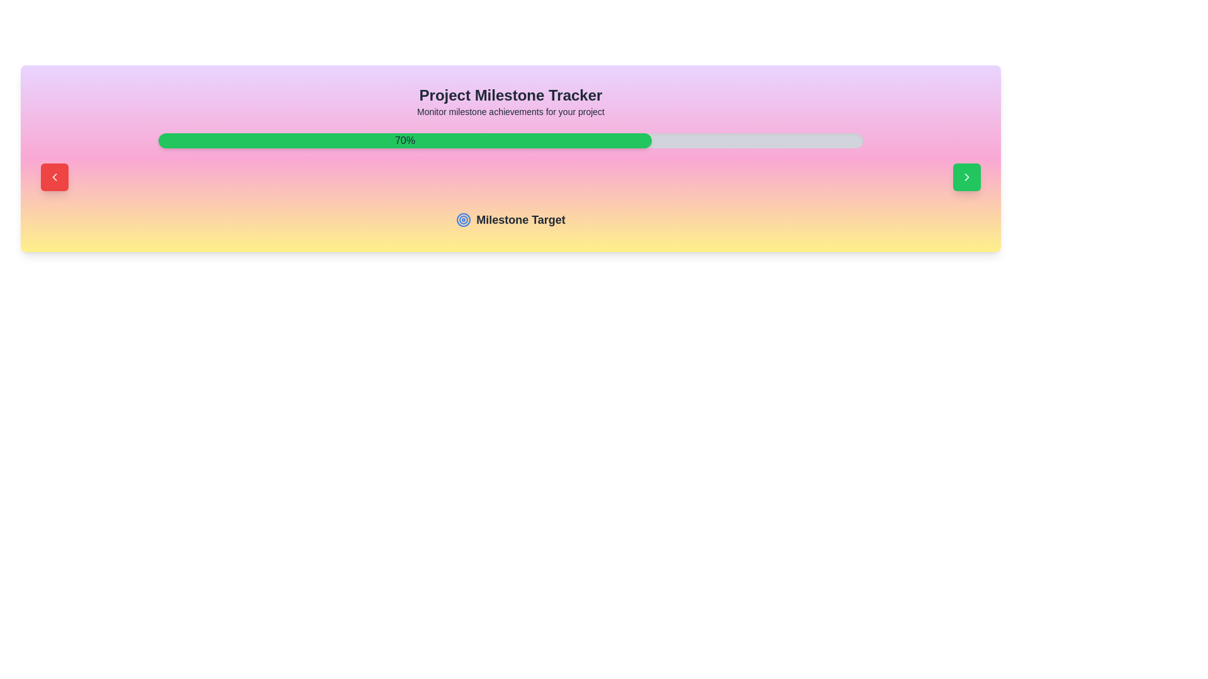 The height and width of the screenshot is (679, 1208). What do you see at coordinates (463, 219) in the screenshot?
I see `the outermost circle of the target icon, which is styled as an outline and located below the progress indicator near the 'Milestone Target' label` at bounding box center [463, 219].